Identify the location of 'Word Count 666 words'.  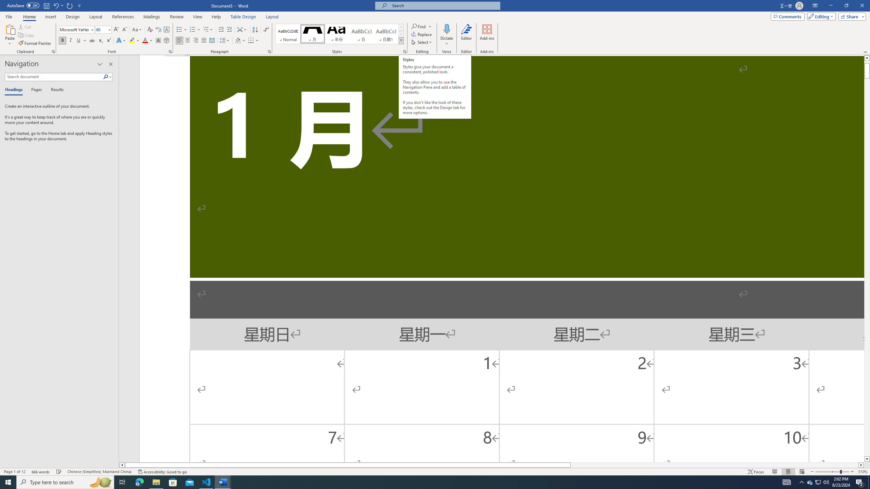
(41, 472).